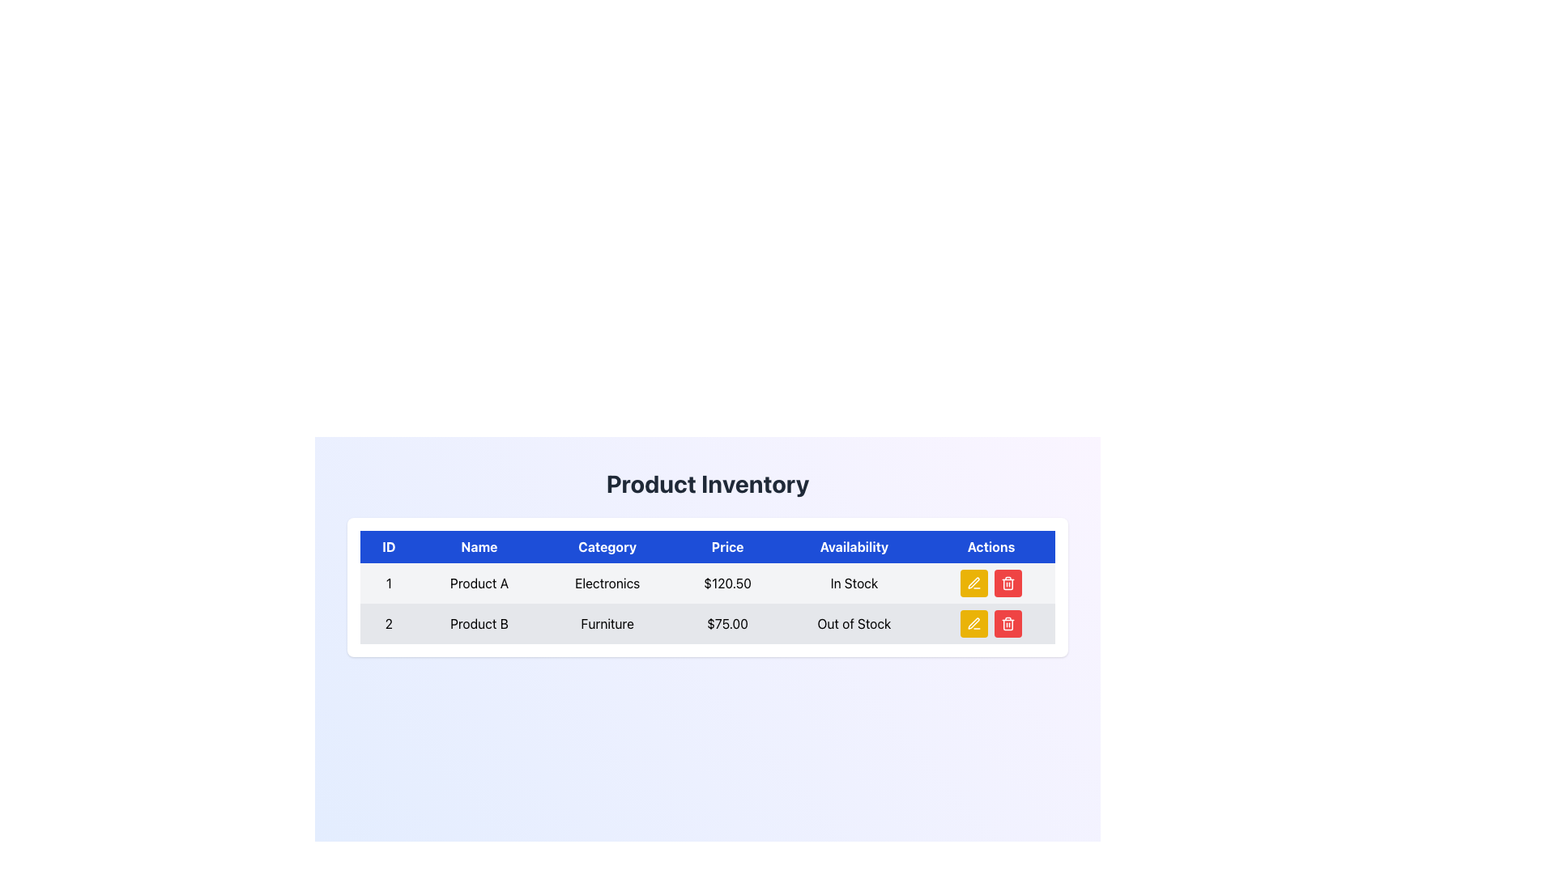  Describe the element at coordinates (607, 623) in the screenshot. I see `the static text label displaying 'Furniture' located under the 'Category' column in the second row of the table` at that location.